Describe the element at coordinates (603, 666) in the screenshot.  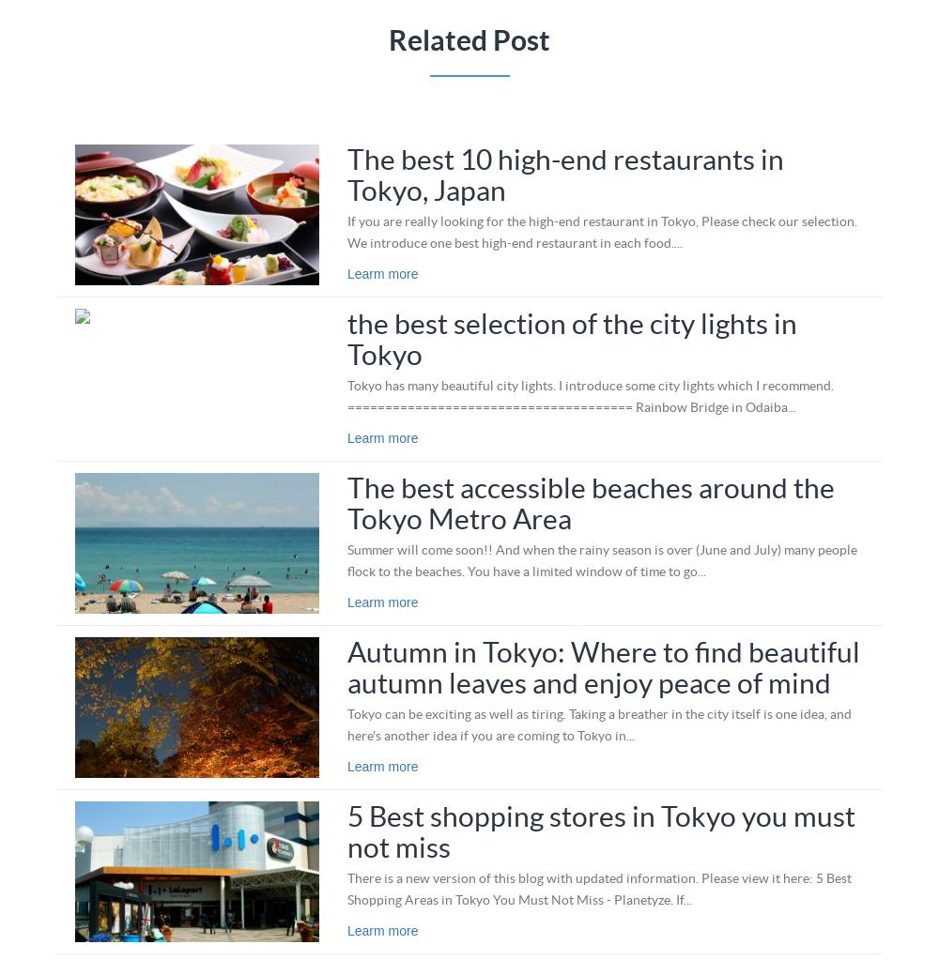
I see `'Autumn in Tokyo: Where to find beautiful autumn leaves and enjoy peace of mind'` at that location.